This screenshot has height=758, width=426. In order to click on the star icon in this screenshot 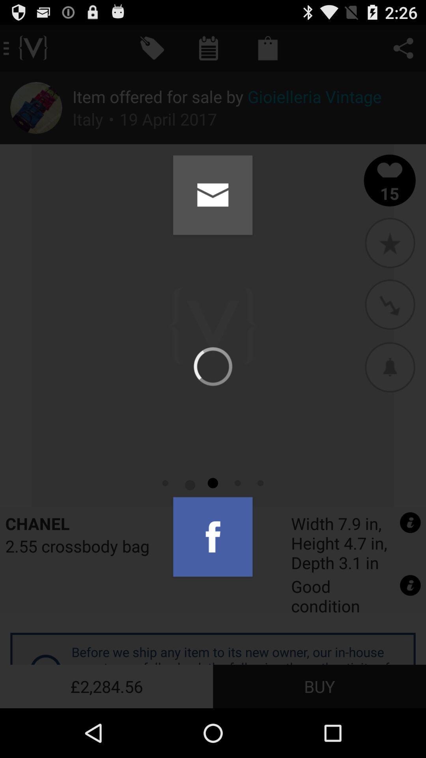, I will do `click(389, 259)`.